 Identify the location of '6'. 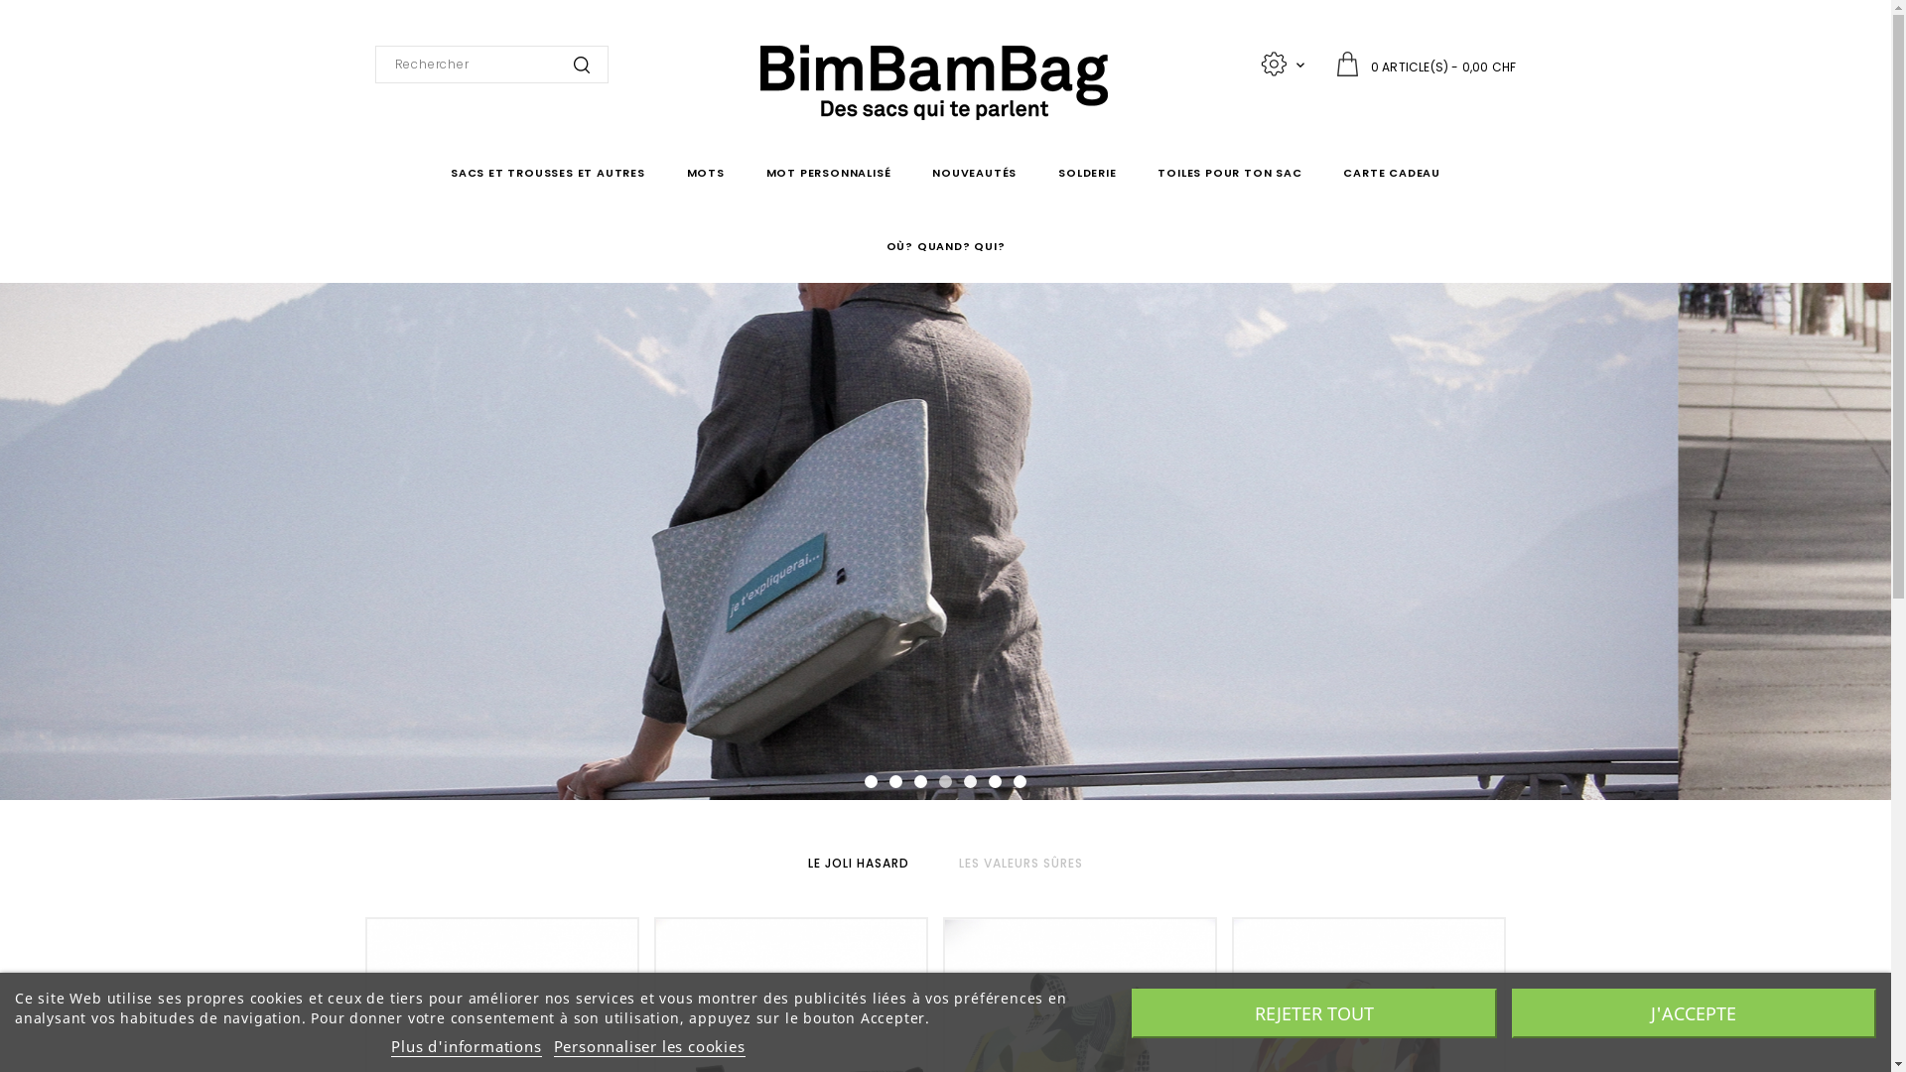
(995, 780).